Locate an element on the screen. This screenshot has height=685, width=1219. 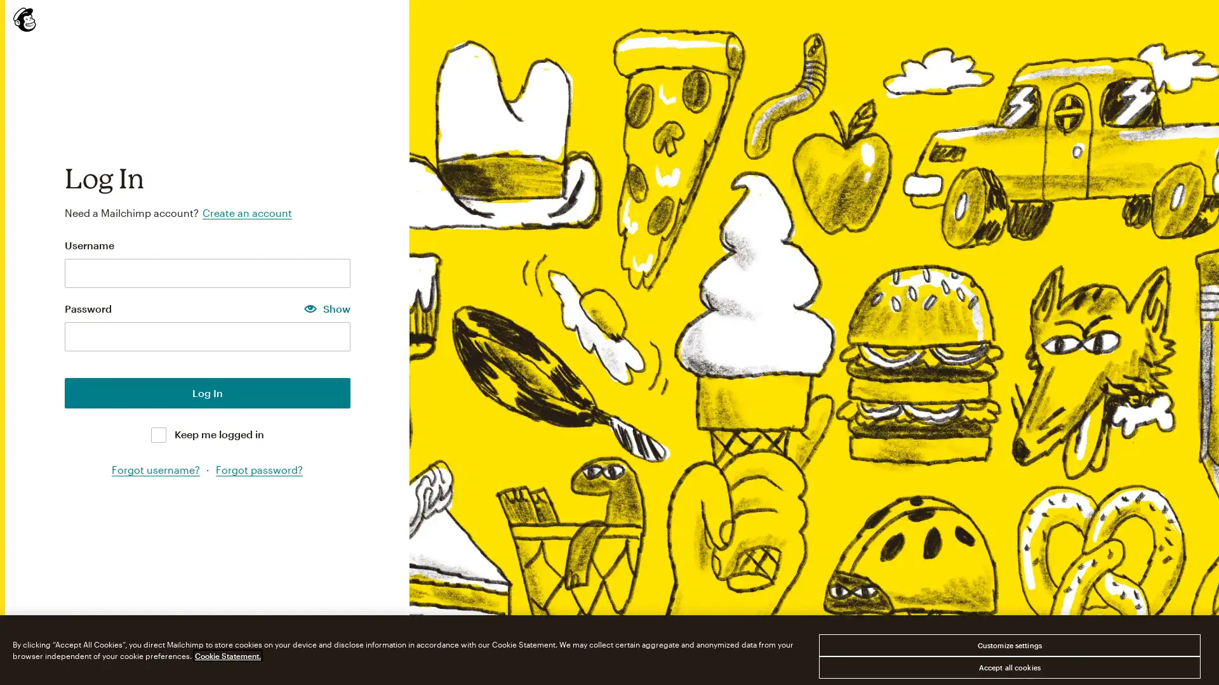
Log In is located at coordinates (207, 391).